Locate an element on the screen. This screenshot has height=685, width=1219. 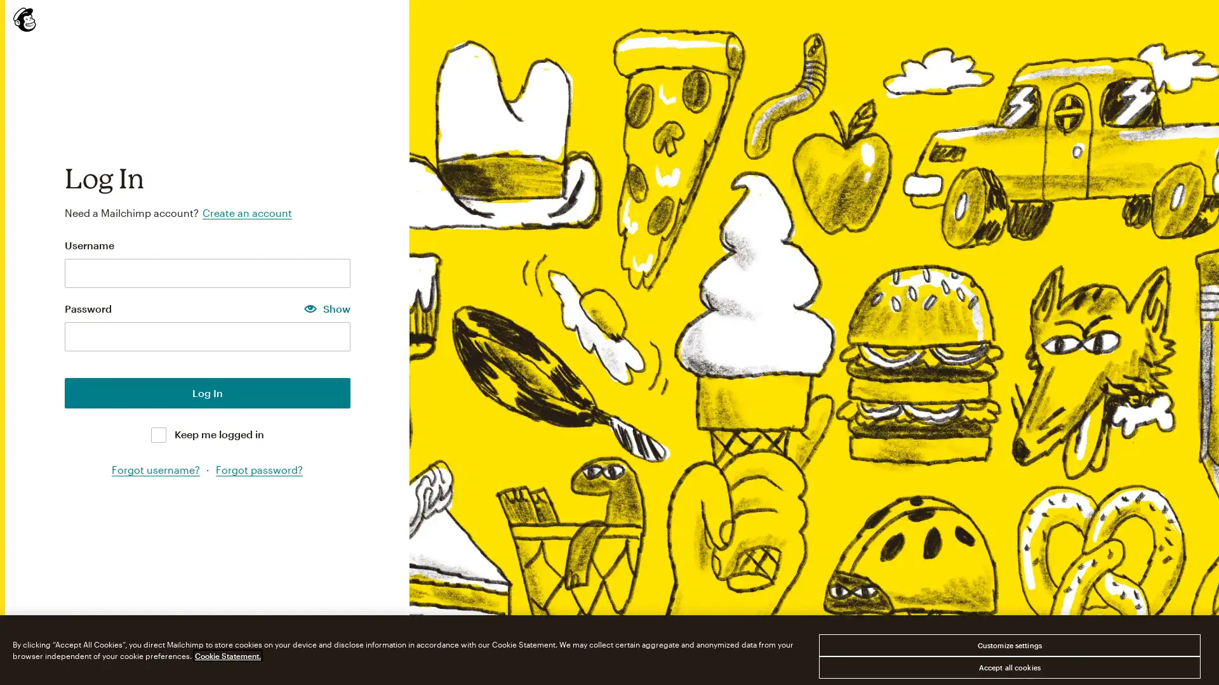
Log In is located at coordinates (207, 391).